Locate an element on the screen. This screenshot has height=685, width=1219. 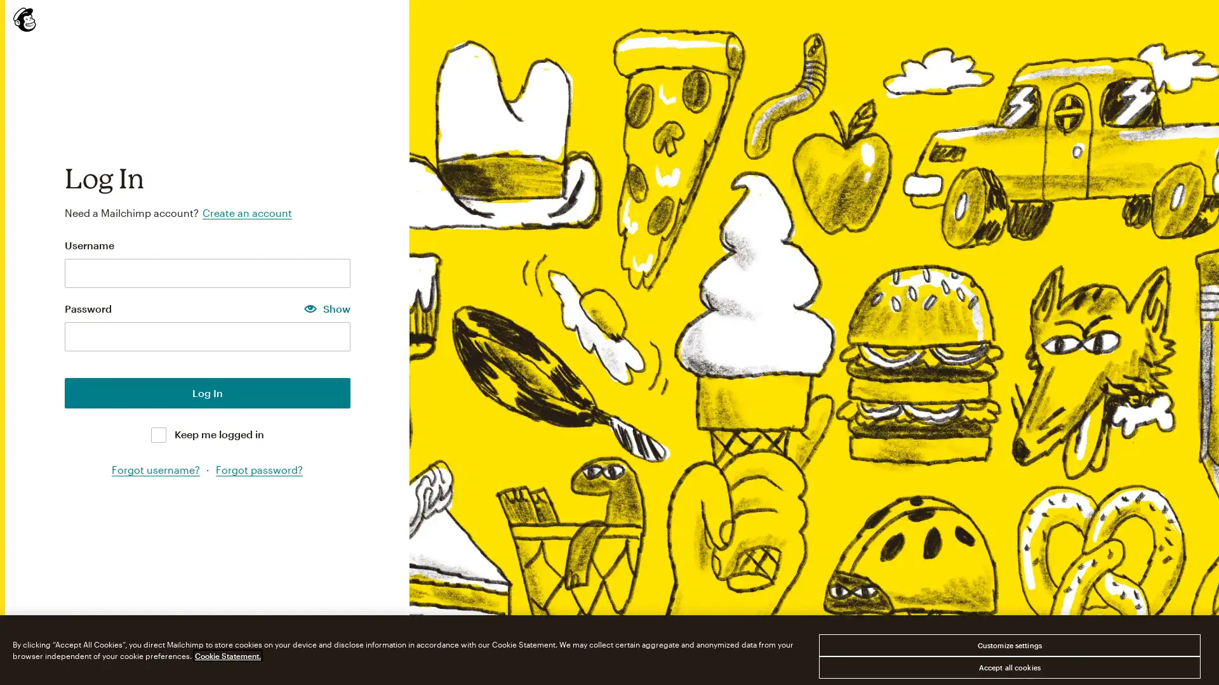
Log In is located at coordinates (207, 391).